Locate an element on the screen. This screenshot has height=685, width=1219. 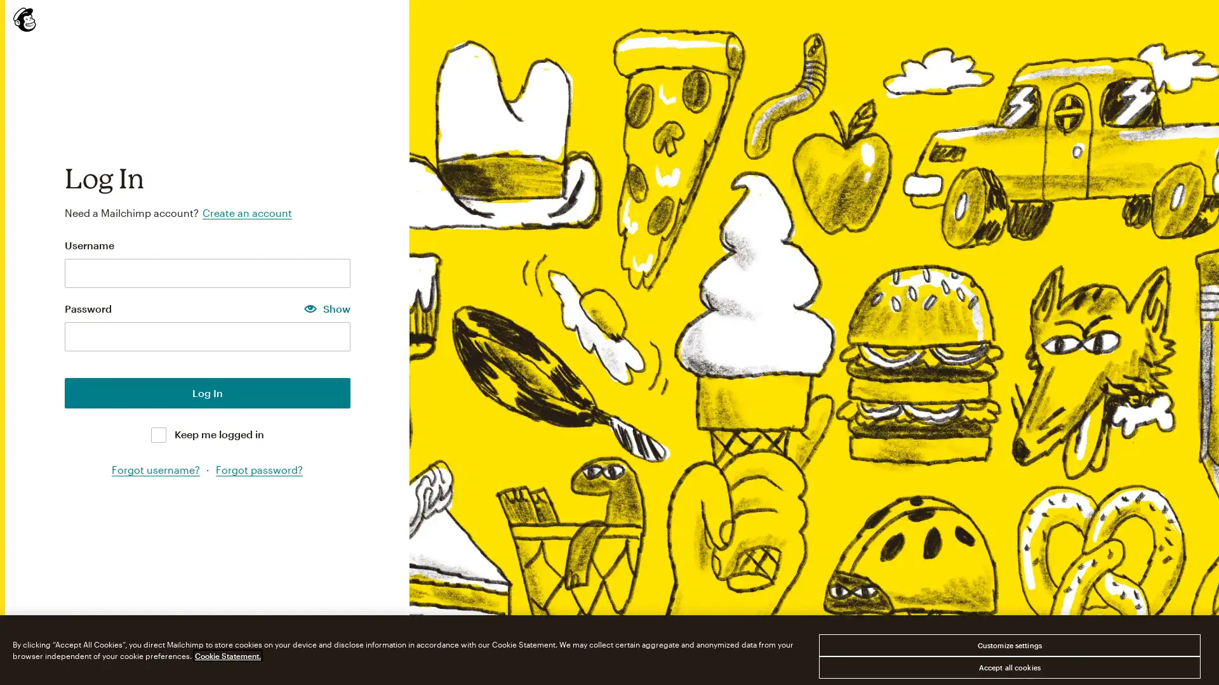
Log In is located at coordinates (207, 391).